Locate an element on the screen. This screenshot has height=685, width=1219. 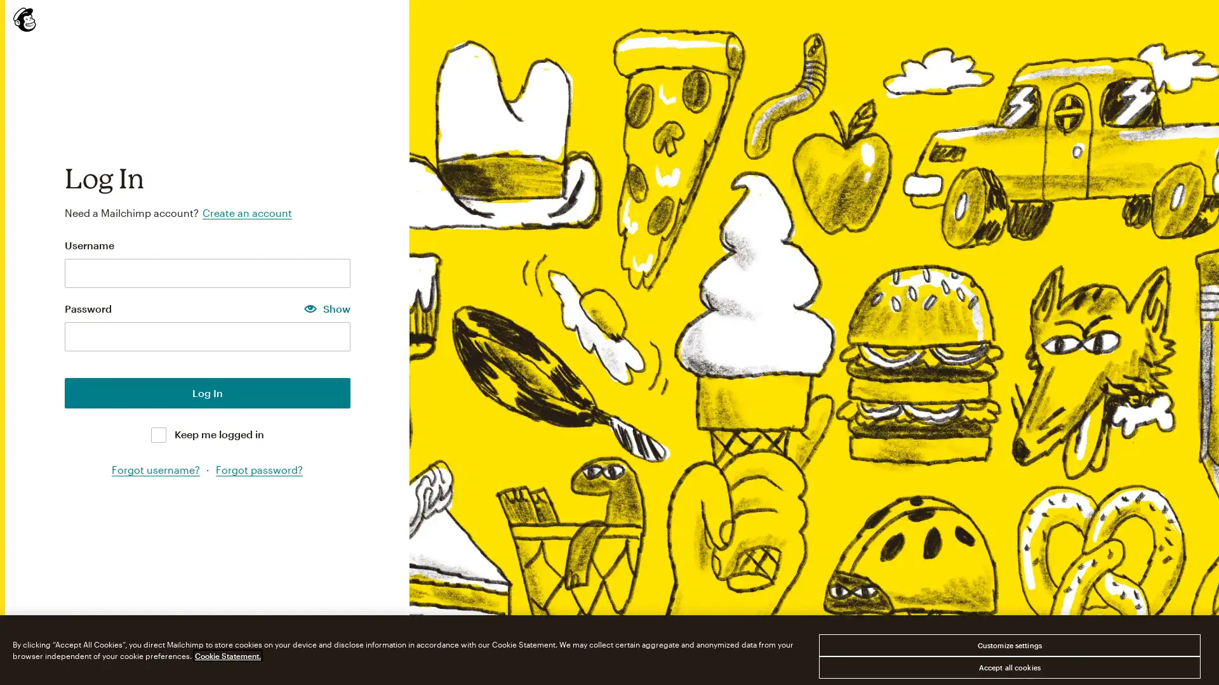
Log In is located at coordinates (207, 391).